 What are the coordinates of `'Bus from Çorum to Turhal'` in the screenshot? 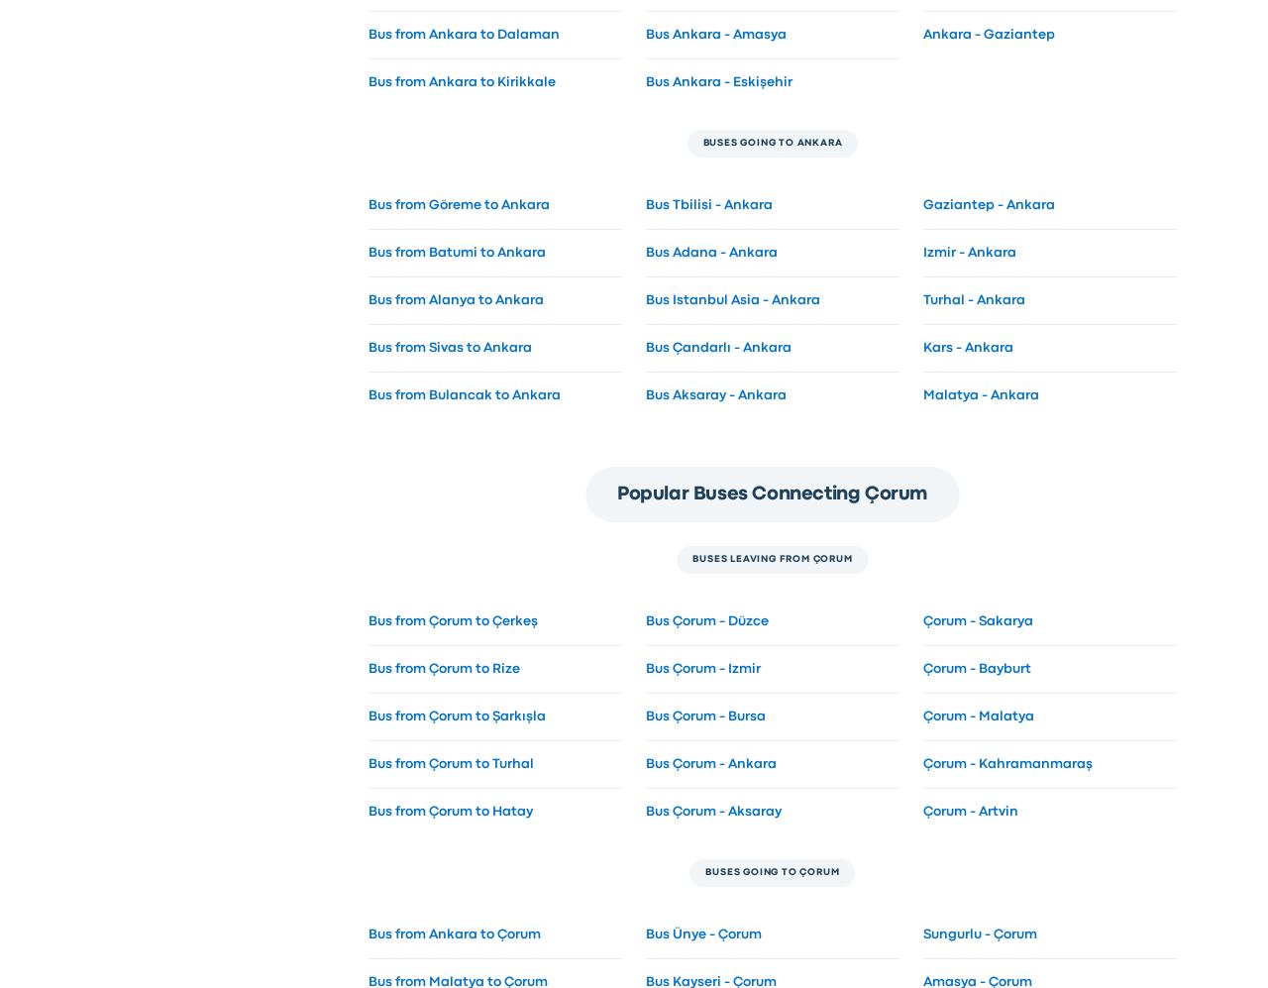 It's located at (449, 762).